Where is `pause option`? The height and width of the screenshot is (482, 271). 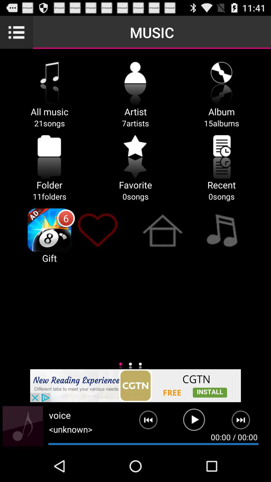 pause option is located at coordinates (194, 422).